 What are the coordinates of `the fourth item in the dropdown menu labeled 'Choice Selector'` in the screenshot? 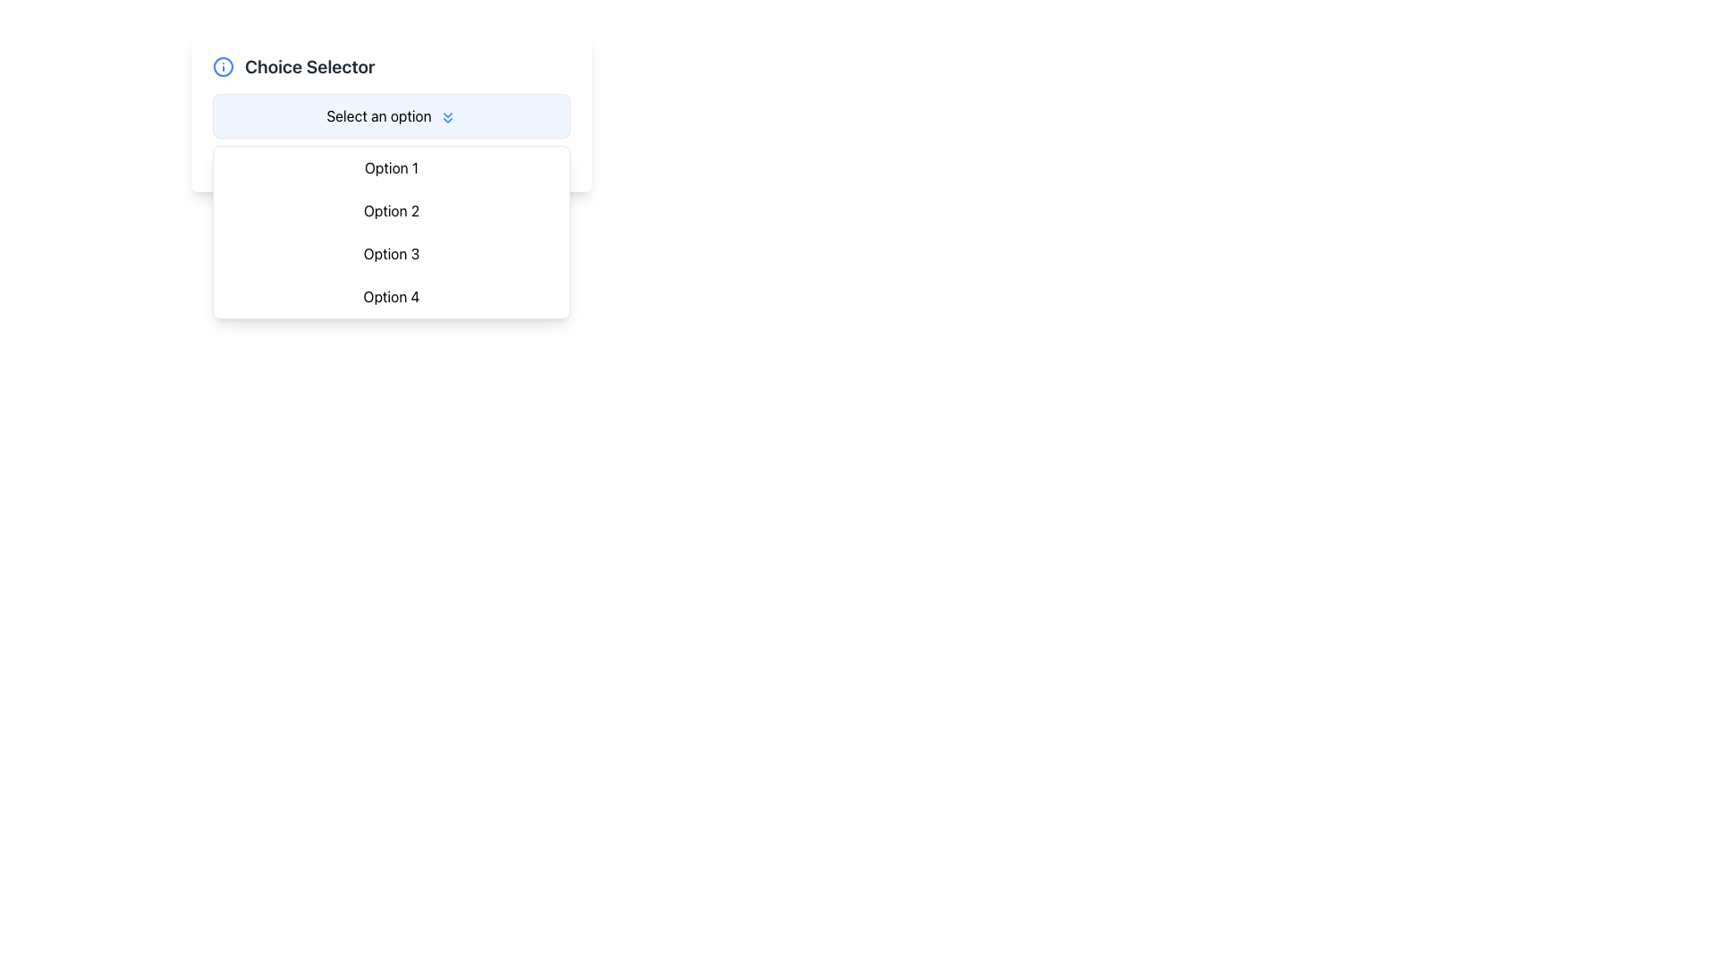 It's located at (390, 295).